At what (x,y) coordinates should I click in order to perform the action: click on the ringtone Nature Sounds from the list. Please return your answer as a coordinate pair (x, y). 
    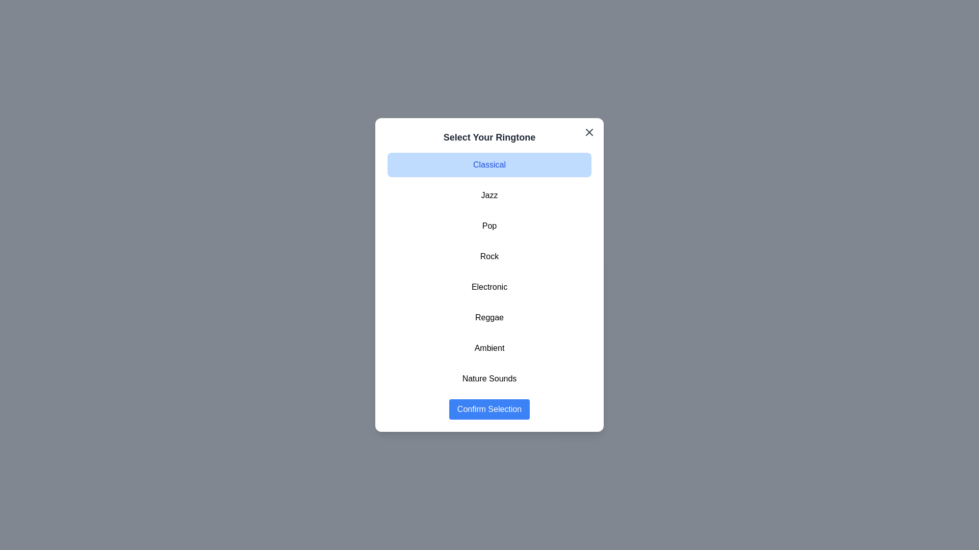
    Looking at the image, I should click on (489, 379).